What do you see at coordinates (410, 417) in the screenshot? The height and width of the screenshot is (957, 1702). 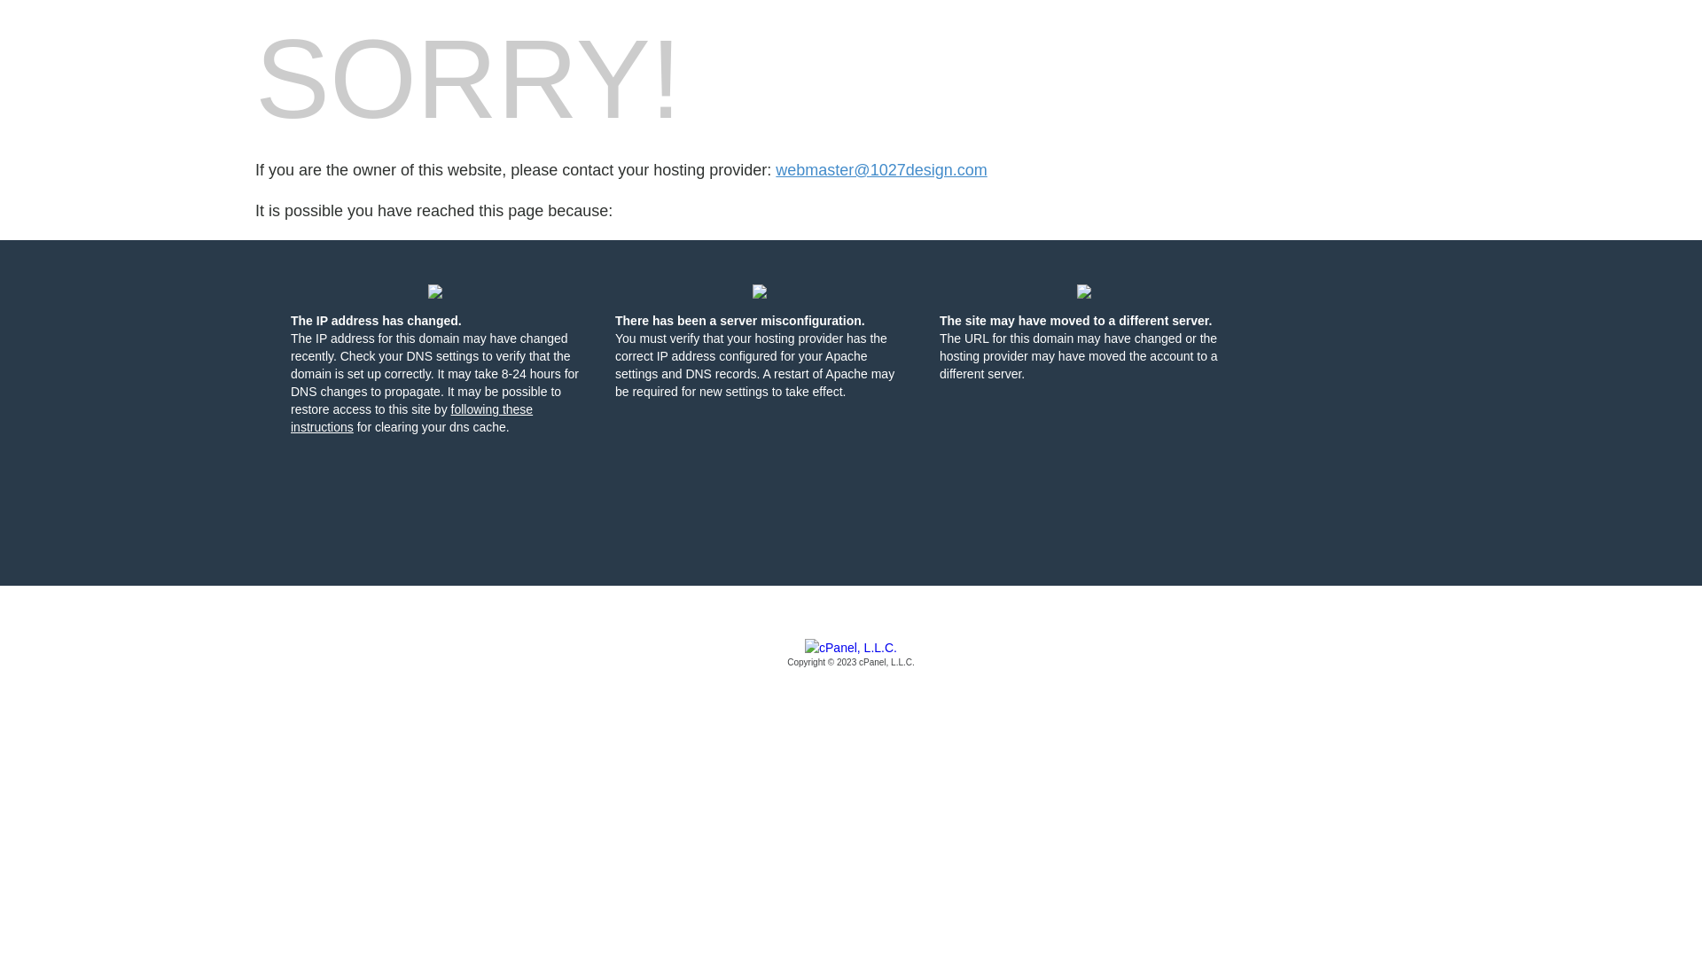 I see `'following these instructions'` at bounding box center [410, 417].